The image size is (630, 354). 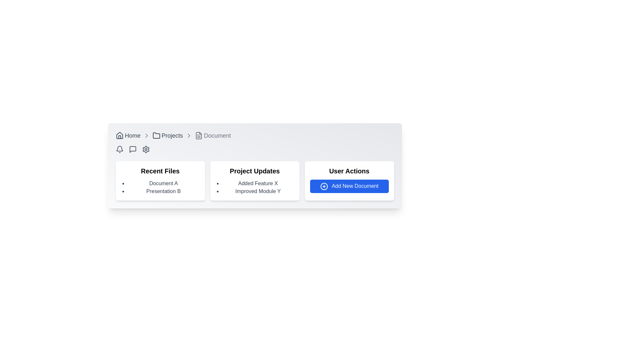 What do you see at coordinates (119, 135) in the screenshot?
I see `the roof portion of the house-shaped icon in the breadcrumb navigation bar` at bounding box center [119, 135].